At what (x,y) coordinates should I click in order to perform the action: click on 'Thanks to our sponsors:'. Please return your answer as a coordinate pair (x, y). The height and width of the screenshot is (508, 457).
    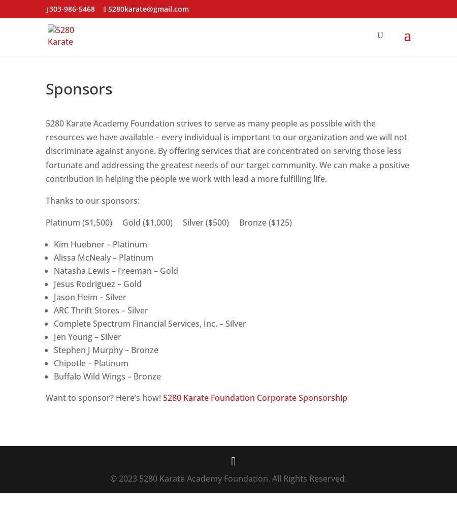
    Looking at the image, I should click on (45, 200).